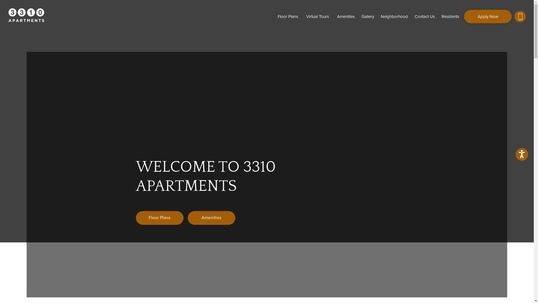 The width and height of the screenshot is (538, 303). Describe the element at coordinates (438, 16) in the screenshot. I see `'Residents'` at that location.